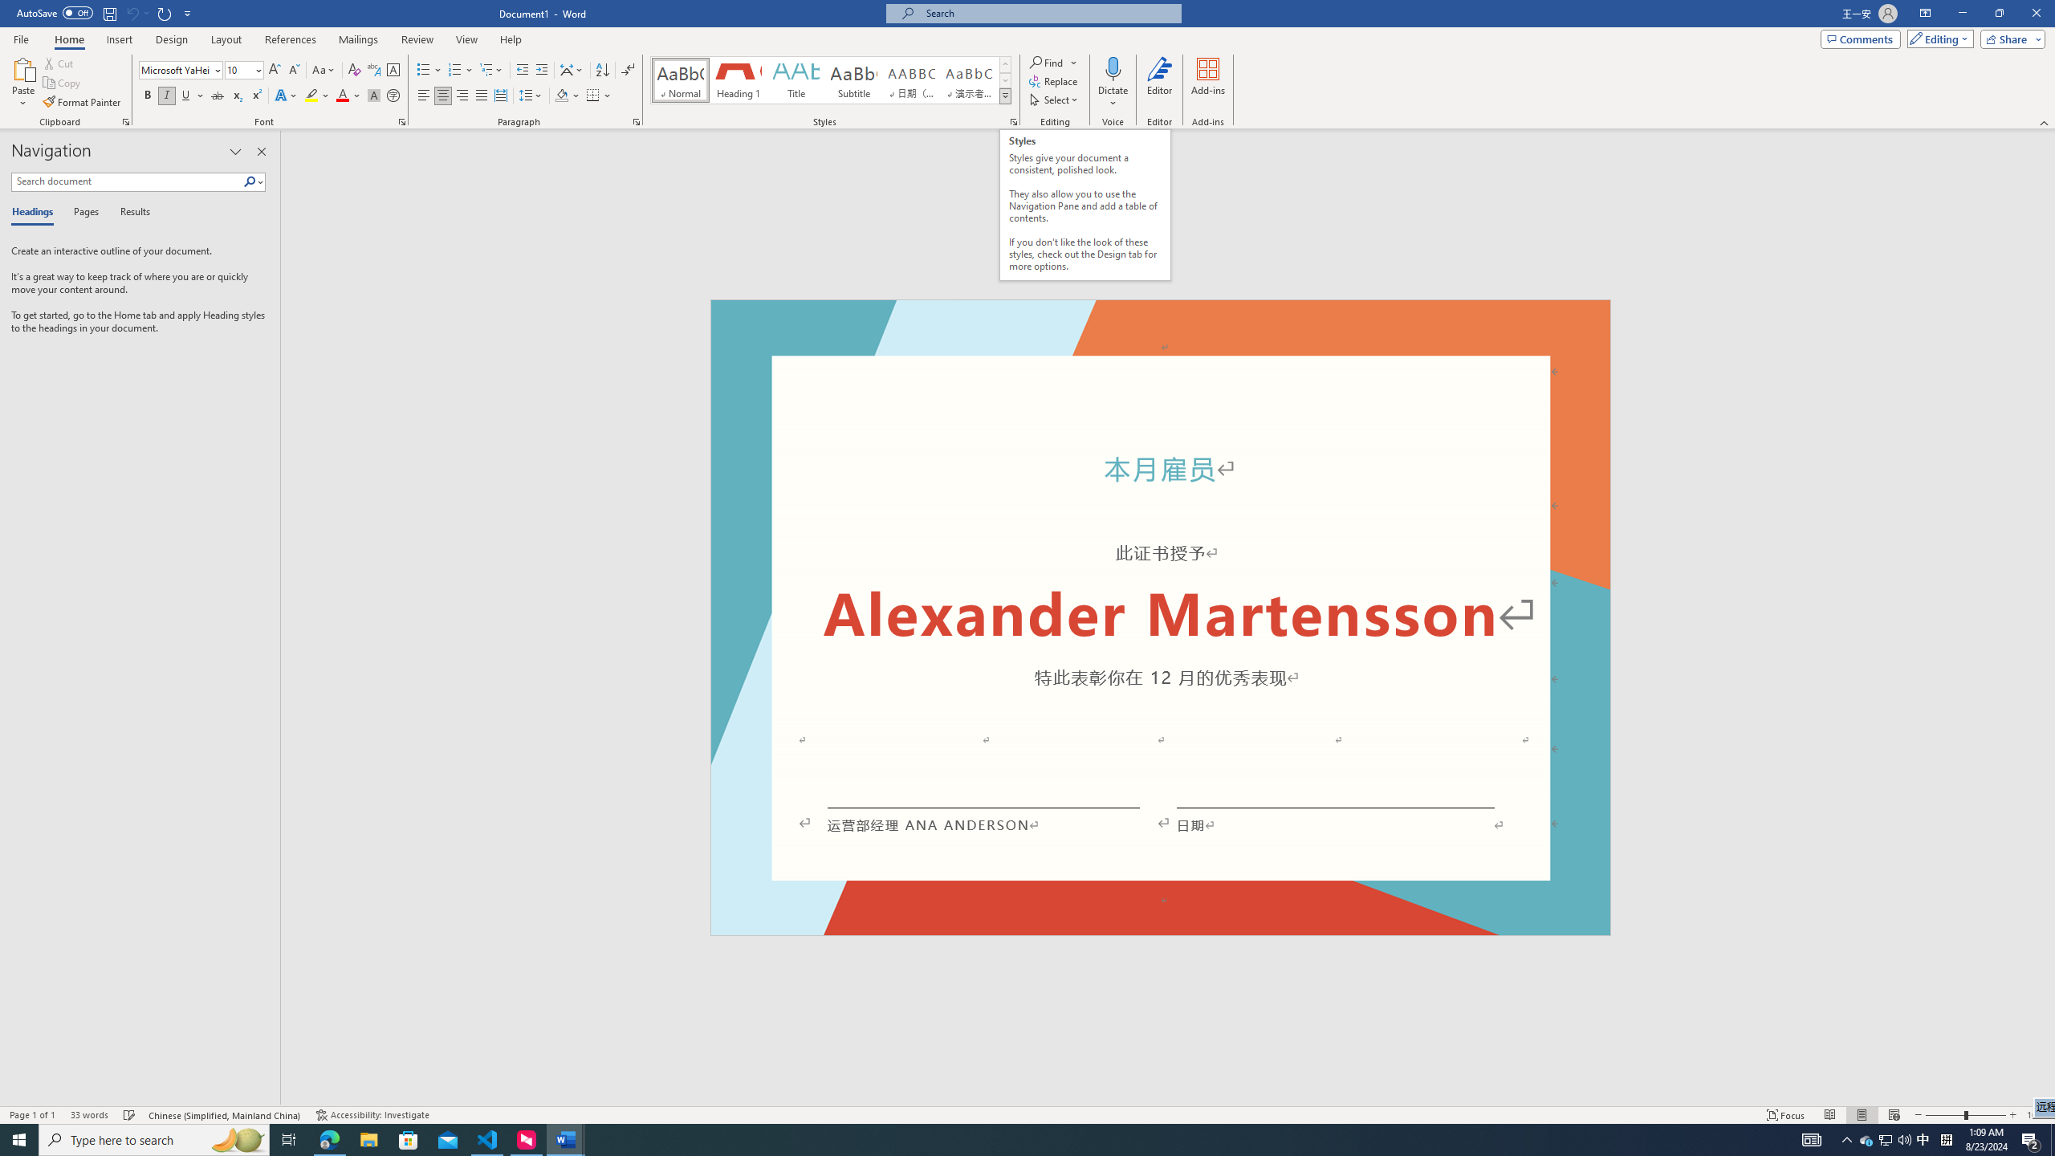 This screenshot has height=1156, width=2055. What do you see at coordinates (324, 70) in the screenshot?
I see `'Change Case'` at bounding box center [324, 70].